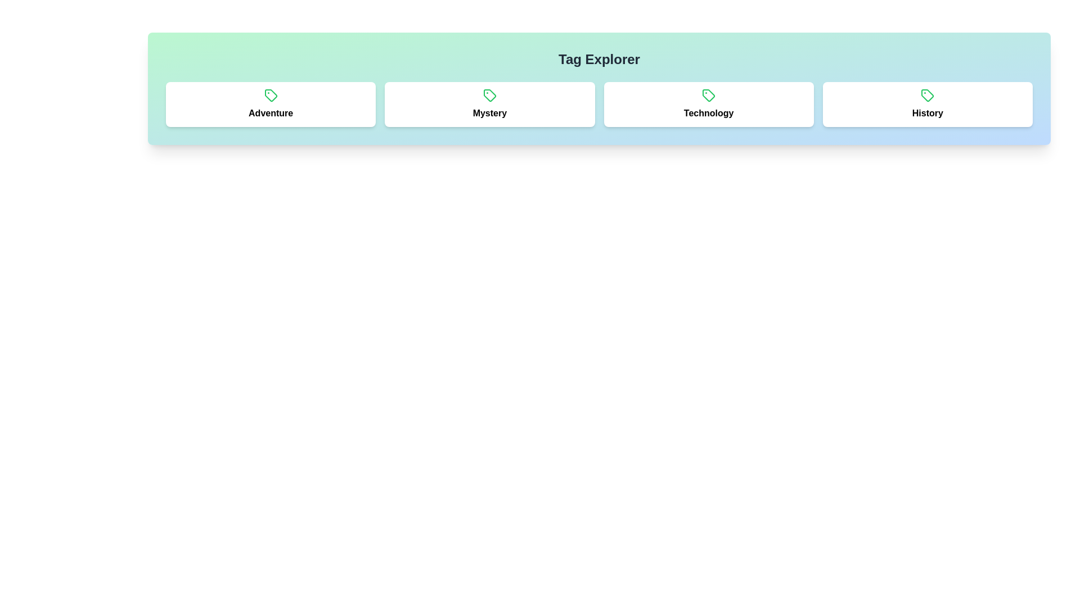  Describe the element at coordinates (708, 94) in the screenshot. I see `the 'Technology' tag icon located in the third position from the left in the tag explorer section as a visual reference` at that location.